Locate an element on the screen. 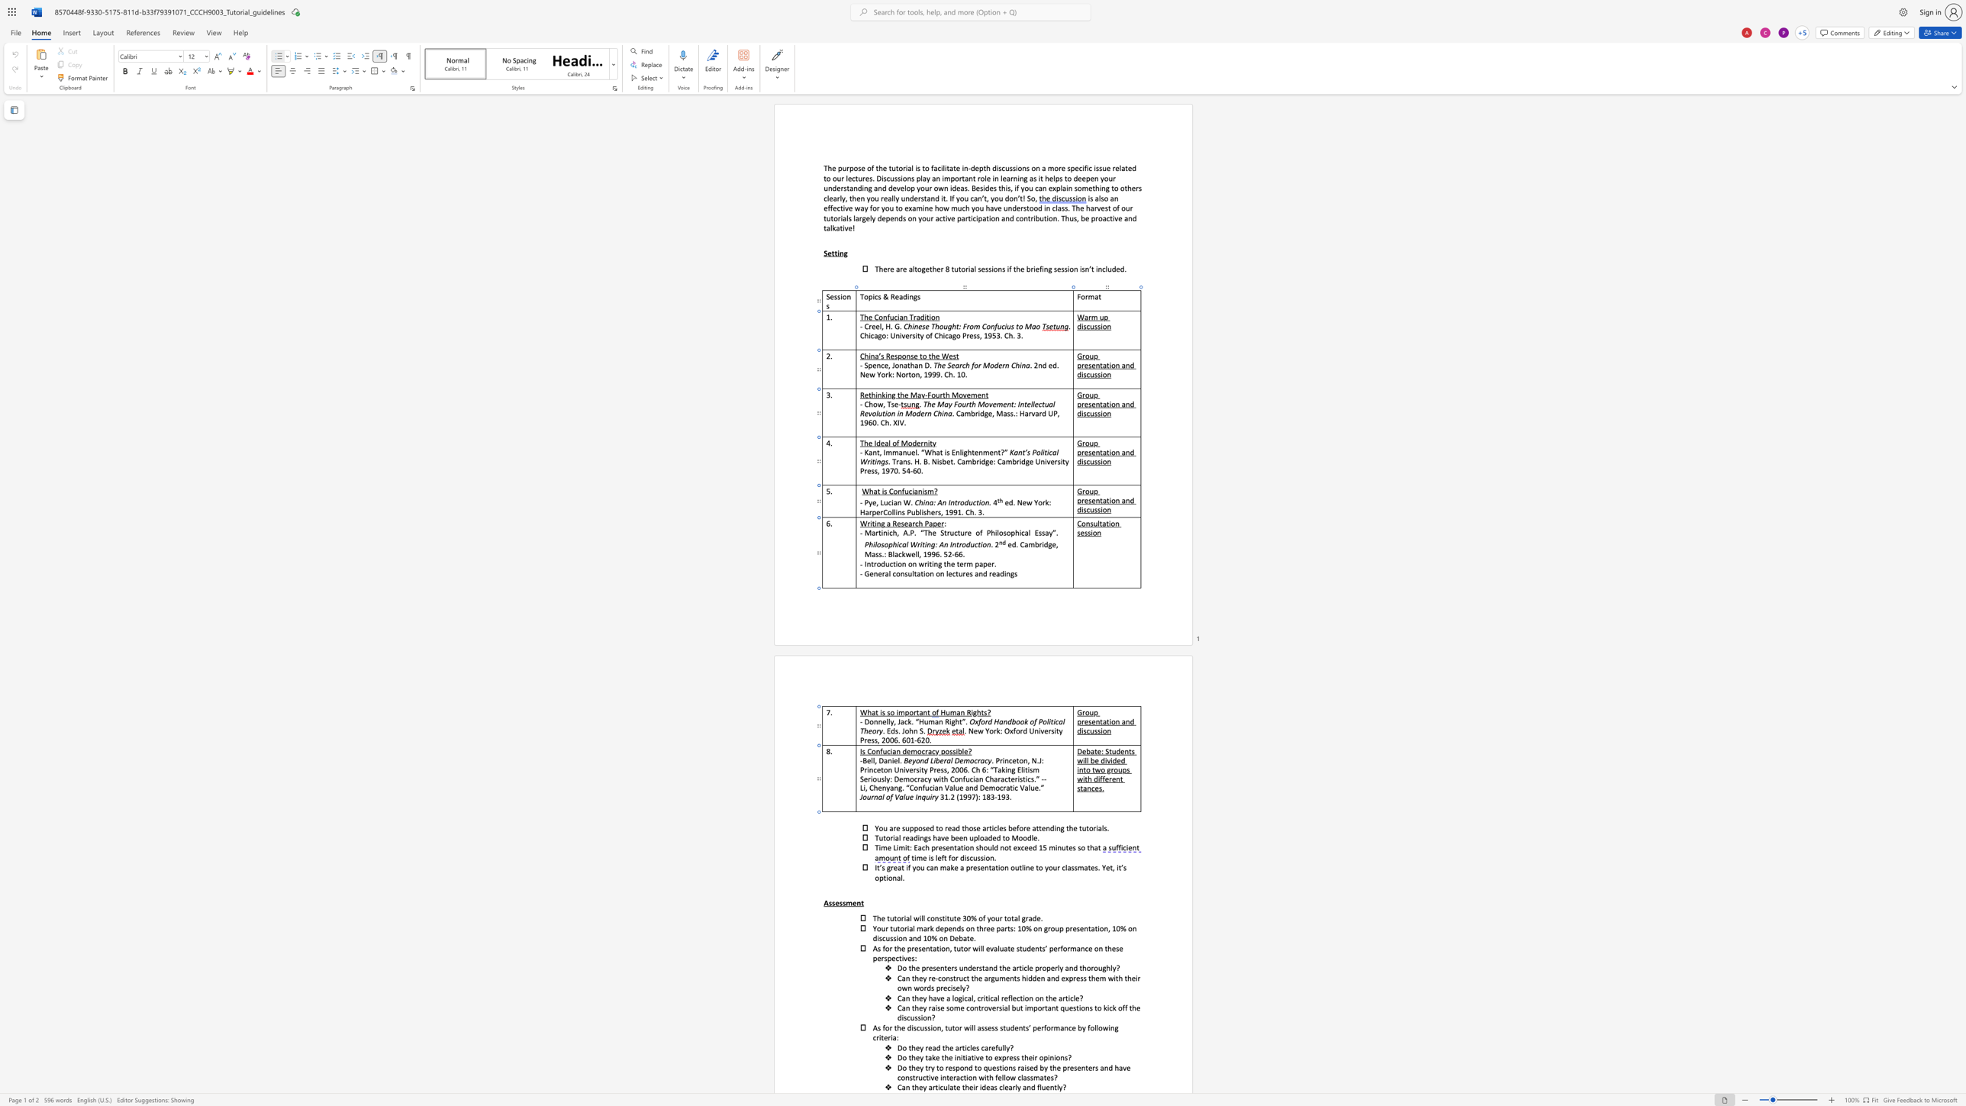 This screenshot has width=1966, height=1106. the space between the continuous character "t" and "e" in the text is located at coordinates (970, 937).